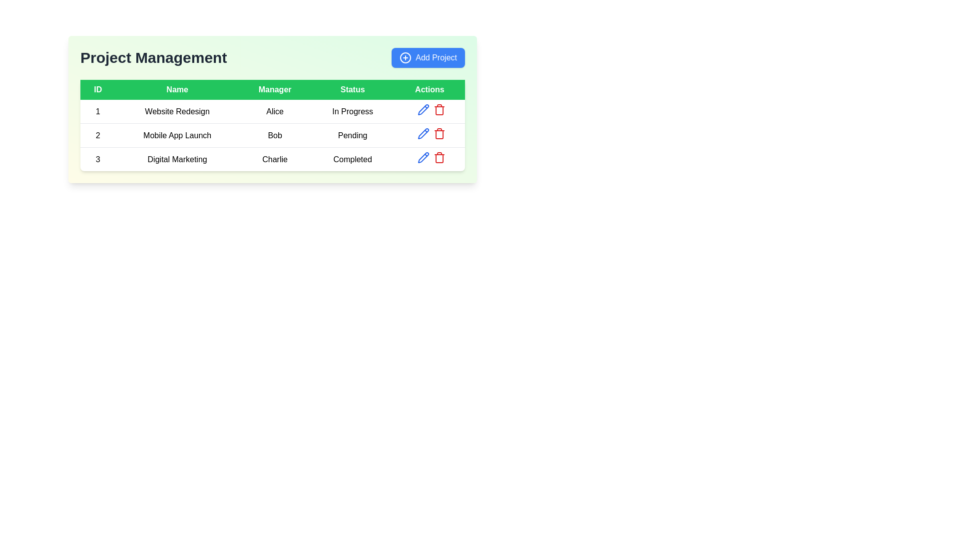  I want to click on the central part of the trash can icon located in the 'Actions' column of the third row of the table, so click(440, 135).